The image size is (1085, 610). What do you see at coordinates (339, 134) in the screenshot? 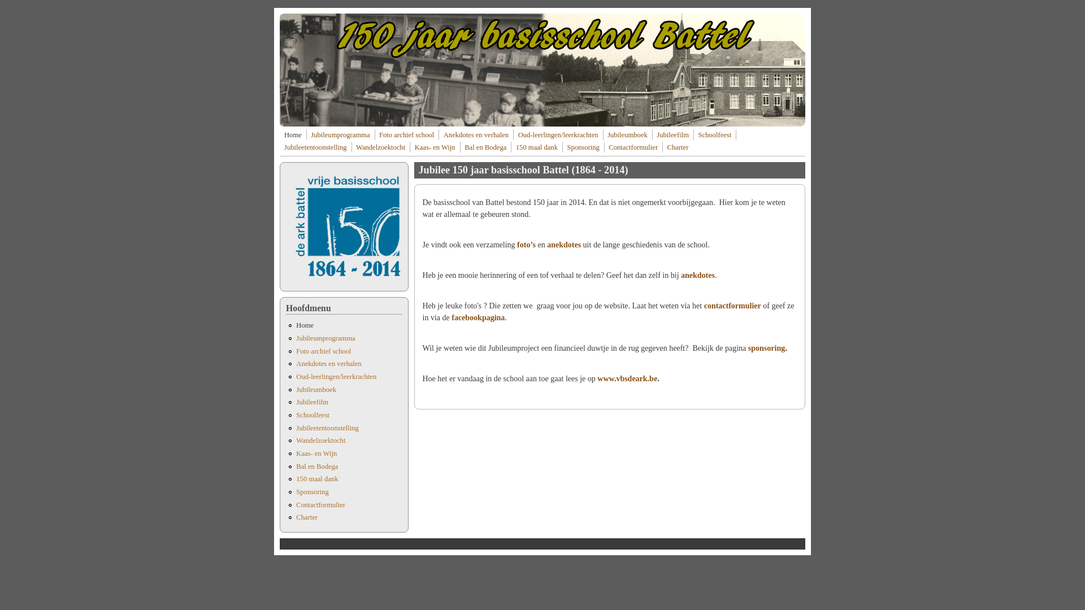
I see `'Jubileumprogramma'` at bounding box center [339, 134].